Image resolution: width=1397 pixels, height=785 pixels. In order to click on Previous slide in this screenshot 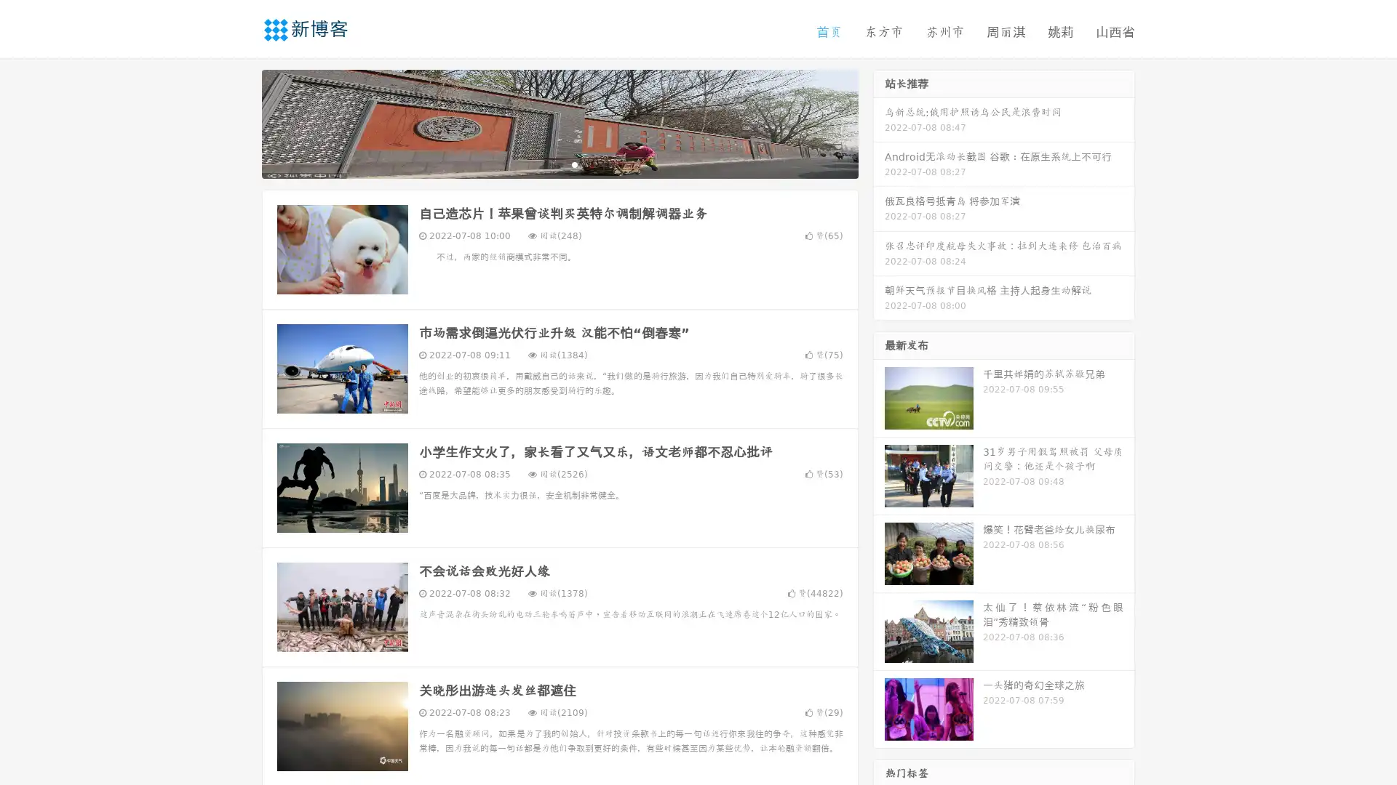, I will do `click(240, 122)`.